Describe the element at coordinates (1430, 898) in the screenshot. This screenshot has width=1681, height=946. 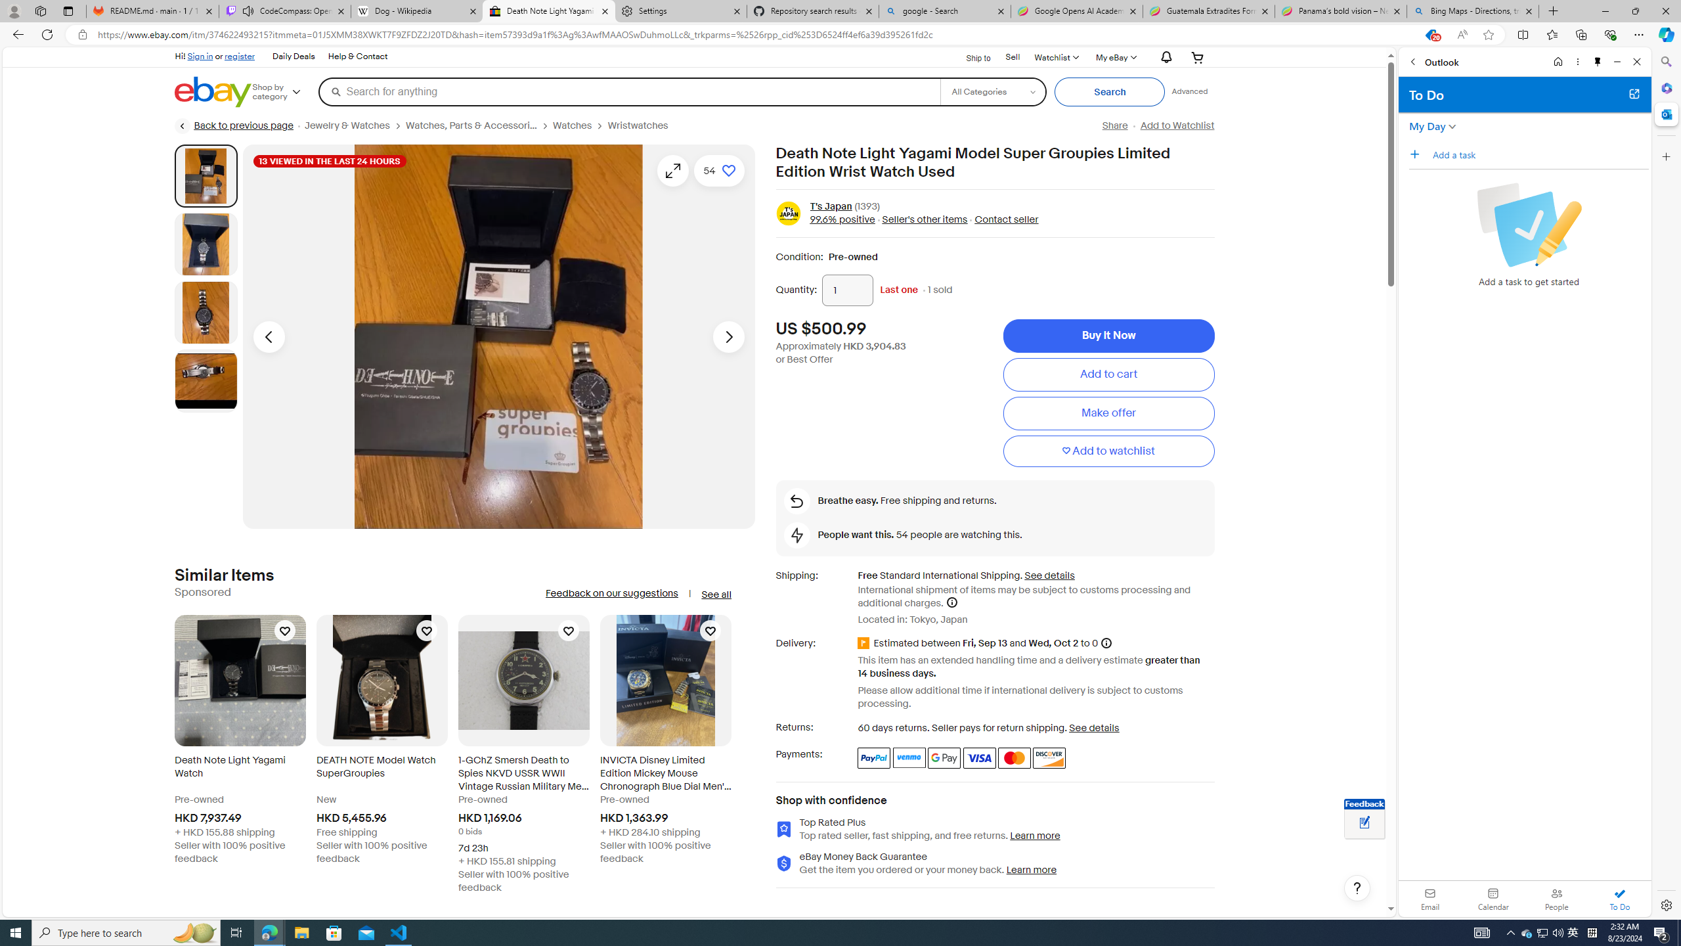
I see `'Email'` at that location.